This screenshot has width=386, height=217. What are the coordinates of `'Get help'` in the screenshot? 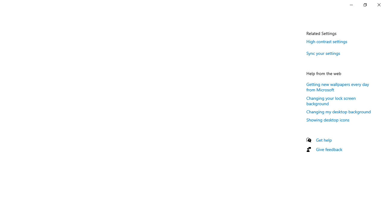 It's located at (324, 140).